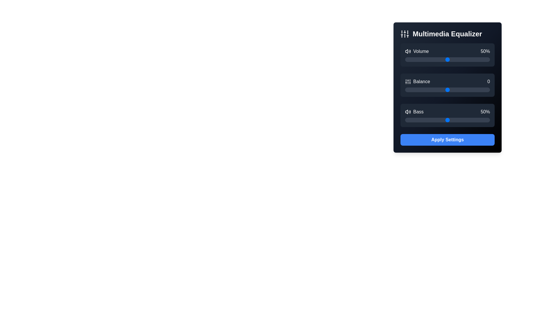  I want to click on the button that applies changes in the 'Multimedia Equalizer' control panel, located below the 'Volume', 'Balance', and 'Bass' sliders, so click(447, 140).